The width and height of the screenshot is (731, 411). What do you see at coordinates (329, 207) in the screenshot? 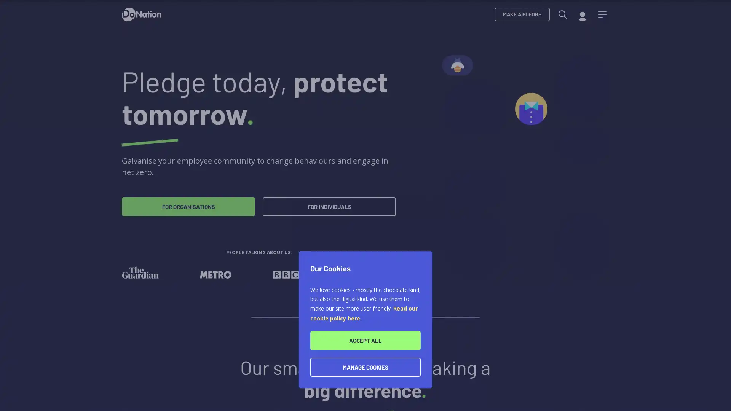
I see `FOR INDIVIDUALS` at bounding box center [329, 207].